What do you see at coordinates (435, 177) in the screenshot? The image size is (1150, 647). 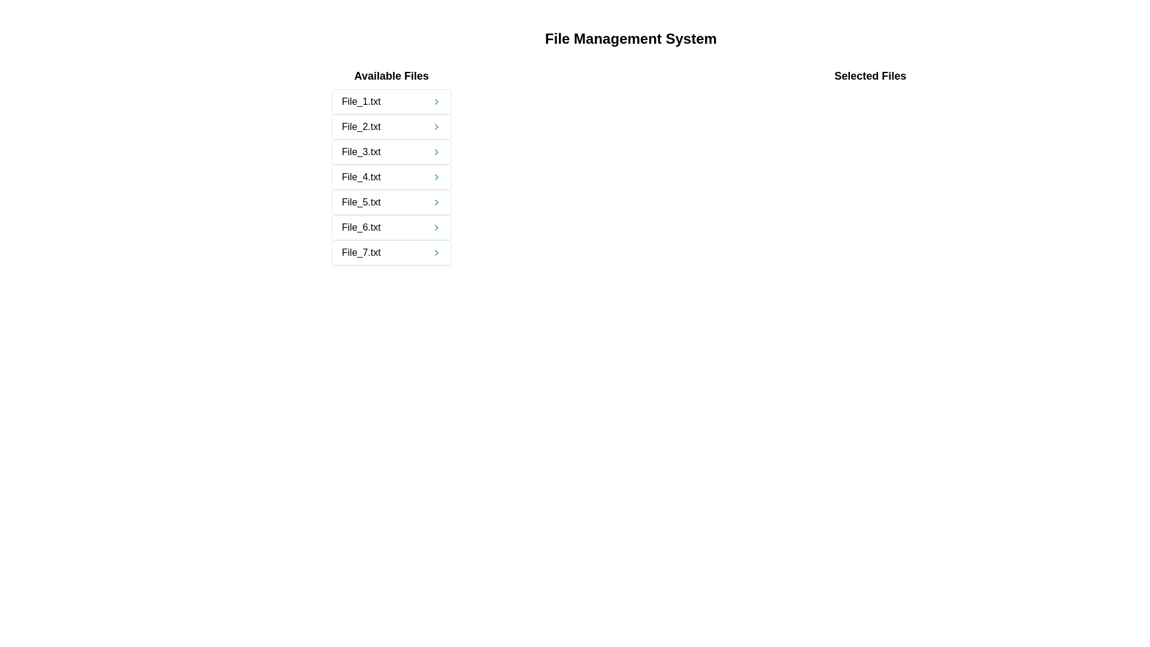 I see `the action trigger icon located to the right of the 'File_4.txt' entry in the 'Available Files' list` at bounding box center [435, 177].